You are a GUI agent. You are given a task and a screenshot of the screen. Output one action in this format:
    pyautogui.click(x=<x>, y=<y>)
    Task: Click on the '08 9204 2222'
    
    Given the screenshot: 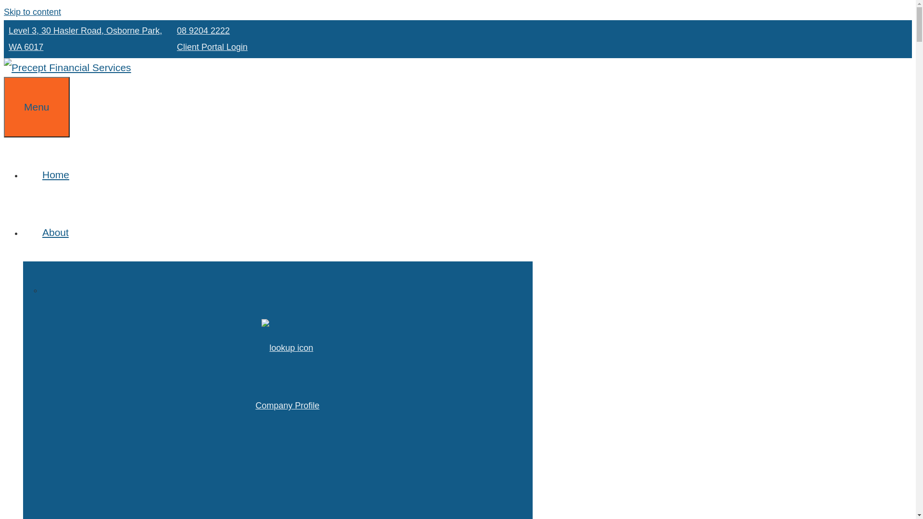 What is the action you would take?
    pyautogui.click(x=202, y=30)
    